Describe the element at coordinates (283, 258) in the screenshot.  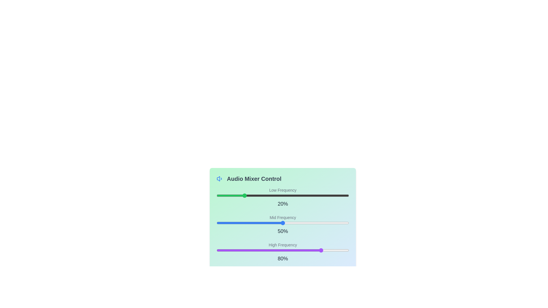
I see `the text label displaying '80%' located at the bottom of the 'High Frequency' section, which is centrally aligned beneath the slider control for 'High Frequency'` at that location.